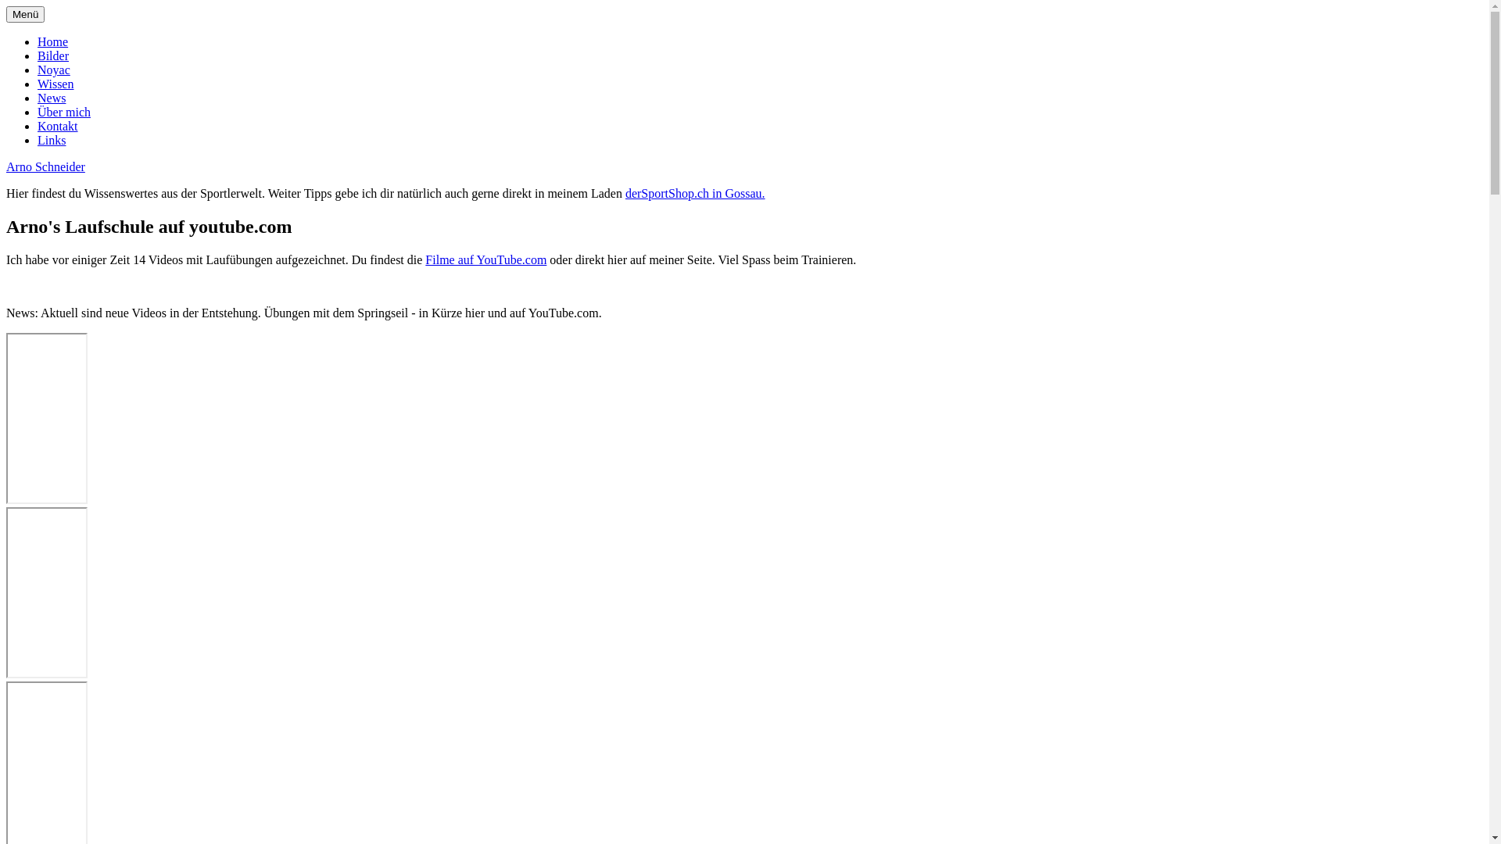  I want to click on 'Arno Schneider', so click(45, 166).